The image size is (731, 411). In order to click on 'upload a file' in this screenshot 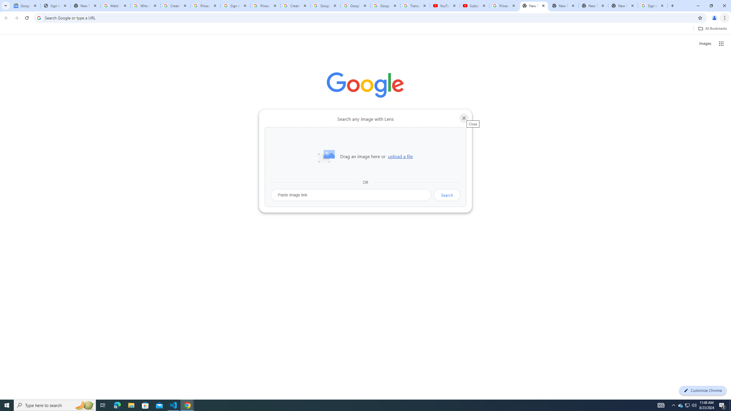, I will do `click(400, 156)`.